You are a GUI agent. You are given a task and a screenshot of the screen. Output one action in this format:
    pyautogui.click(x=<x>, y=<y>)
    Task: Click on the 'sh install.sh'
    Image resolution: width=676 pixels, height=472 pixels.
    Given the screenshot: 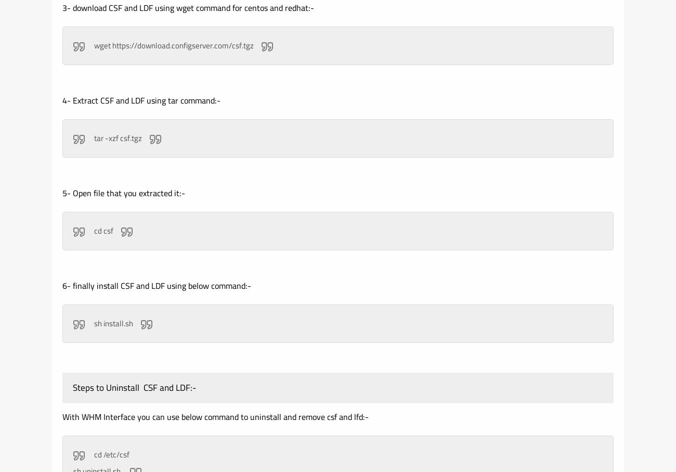 What is the action you would take?
    pyautogui.click(x=112, y=323)
    